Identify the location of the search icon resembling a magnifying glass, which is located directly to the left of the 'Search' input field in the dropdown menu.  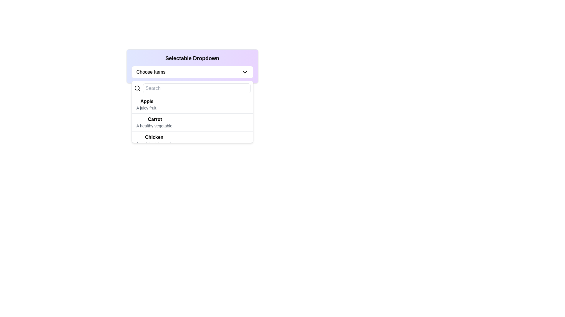
(137, 88).